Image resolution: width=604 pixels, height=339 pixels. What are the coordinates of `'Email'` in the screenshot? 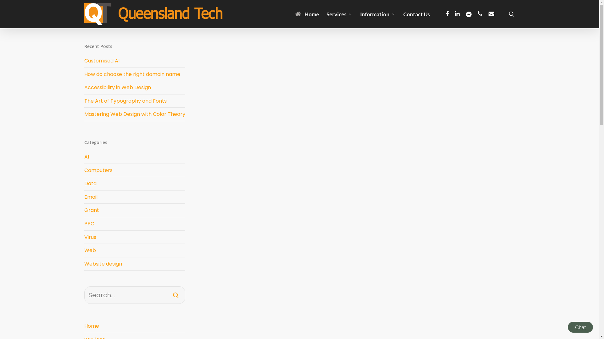 It's located at (134, 197).